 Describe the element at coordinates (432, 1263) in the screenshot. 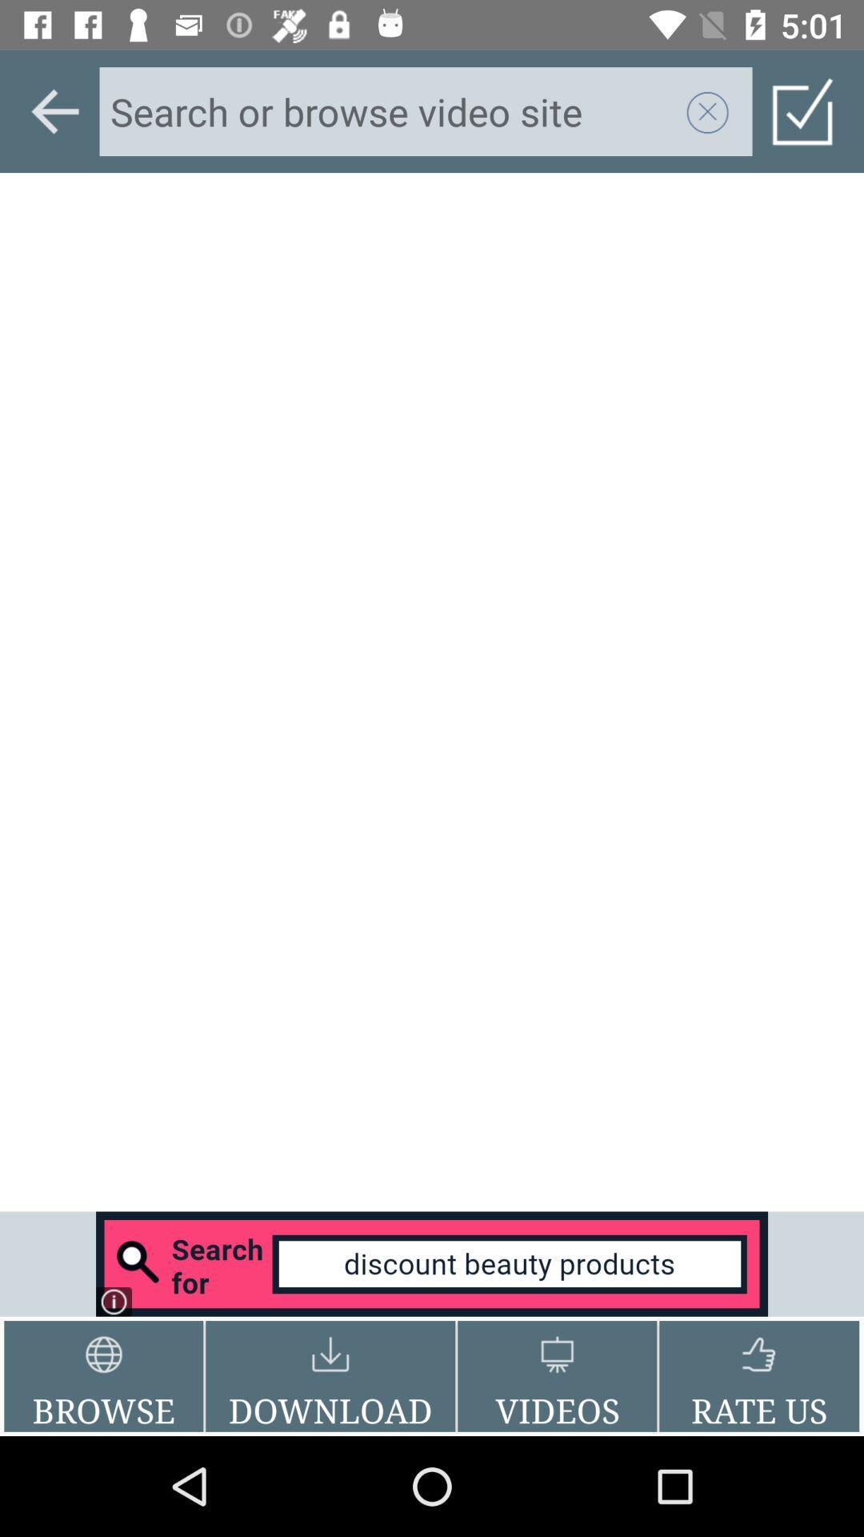

I see `visit advertiser` at that location.